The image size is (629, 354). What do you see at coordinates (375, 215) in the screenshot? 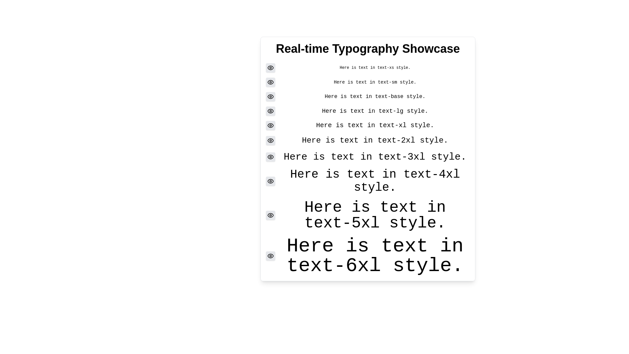
I see `the non-interactive Text Display Element that showcases styled text in a large font size, positioned centrally above the text with 'text-6xl' styling` at bounding box center [375, 215].